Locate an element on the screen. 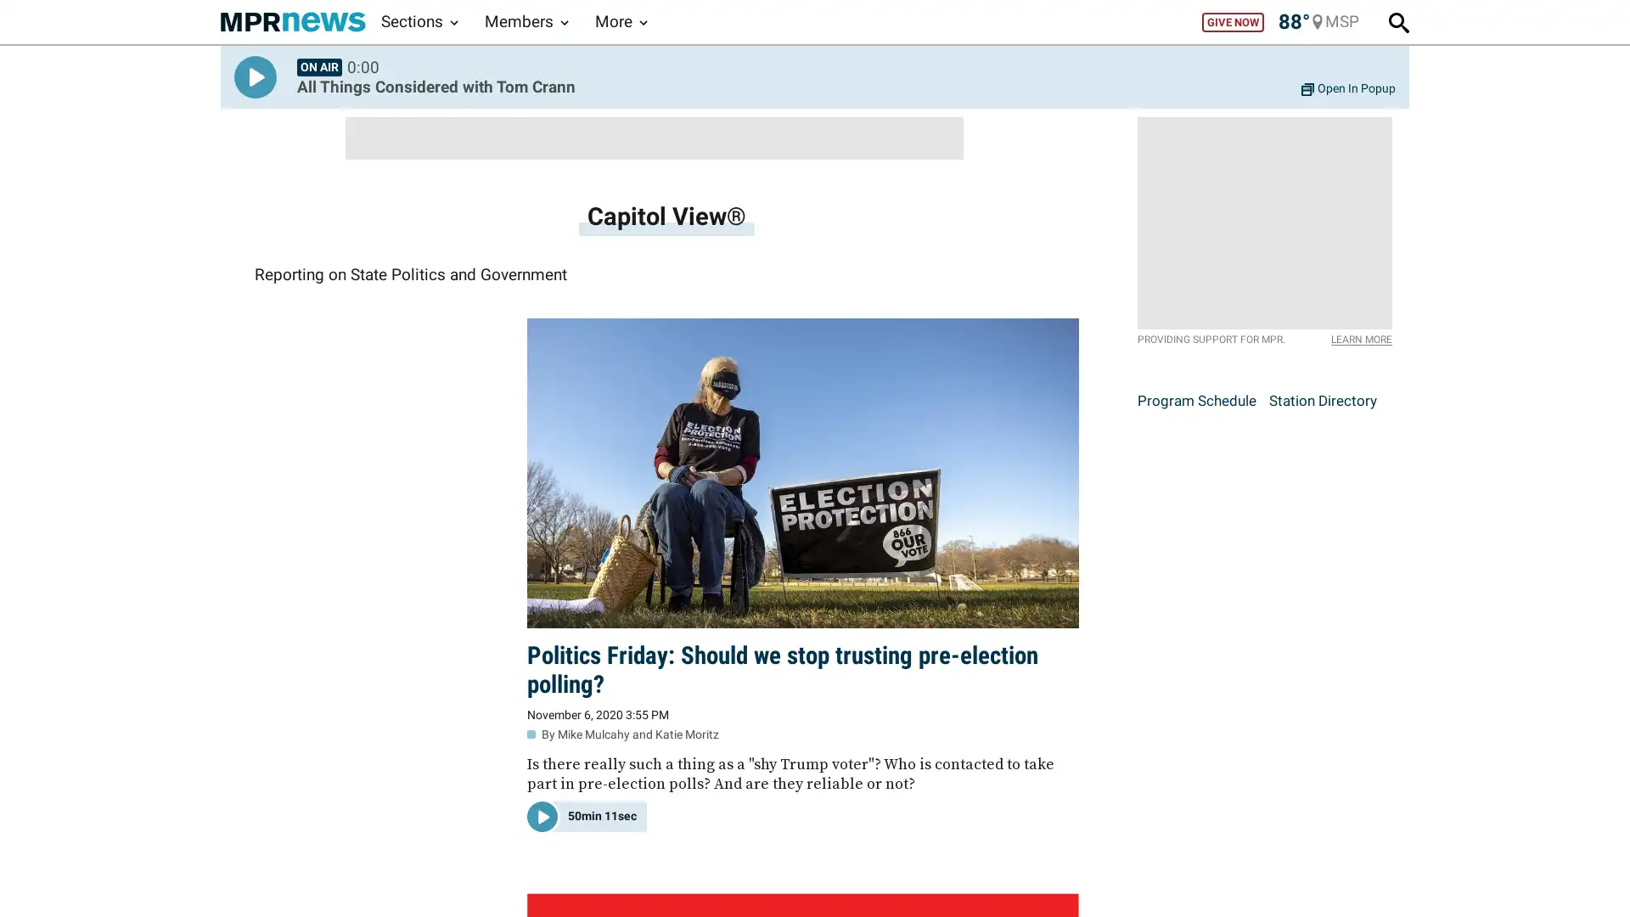 Image resolution: width=1630 pixels, height=917 pixels. Play is located at coordinates (255, 77).